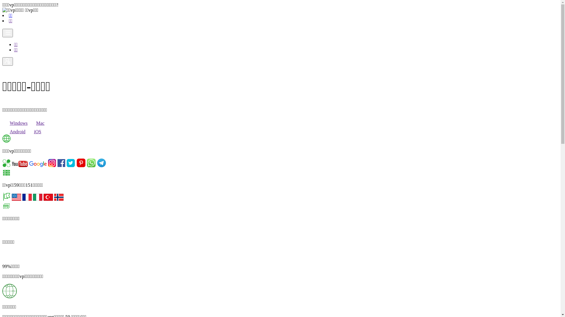 The height and width of the screenshot is (317, 565). What do you see at coordinates (34, 131) in the screenshot?
I see `'iOS'` at bounding box center [34, 131].